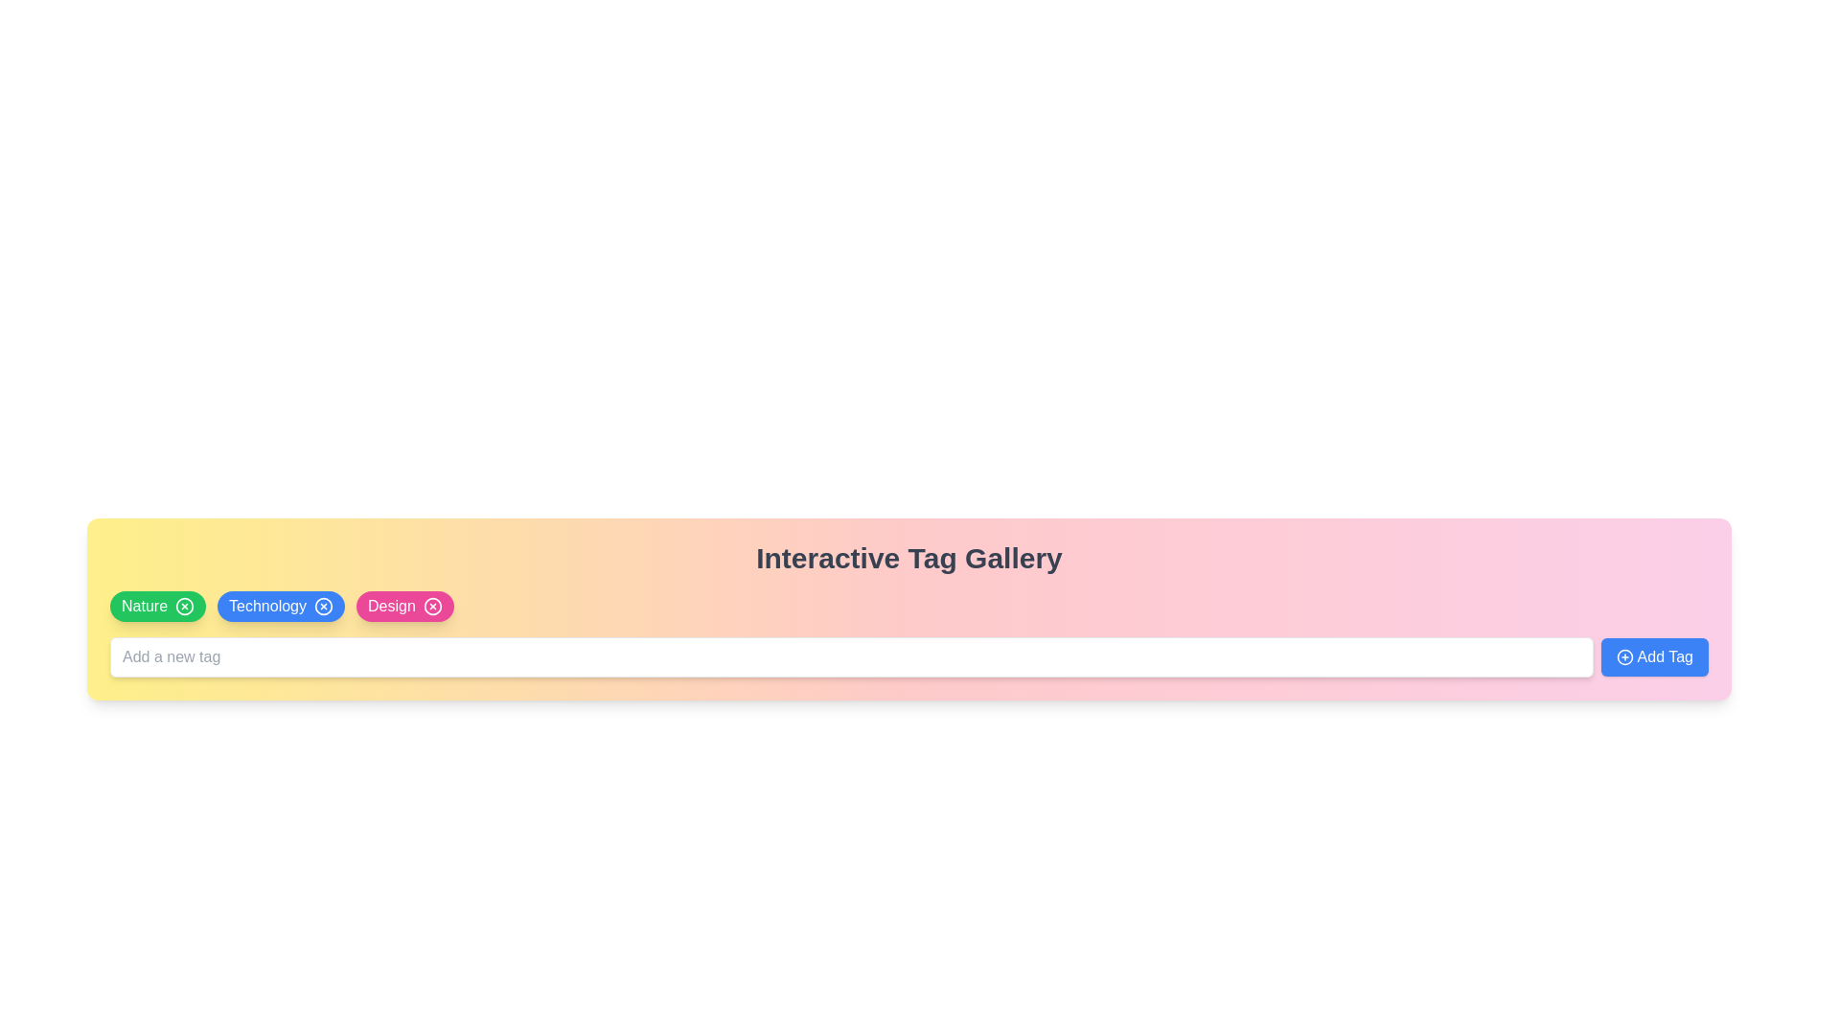 The image size is (1840, 1035). What do you see at coordinates (323, 606) in the screenshot?
I see `the central circular icon within the 'Technology' tag button` at bounding box center [323, 606].